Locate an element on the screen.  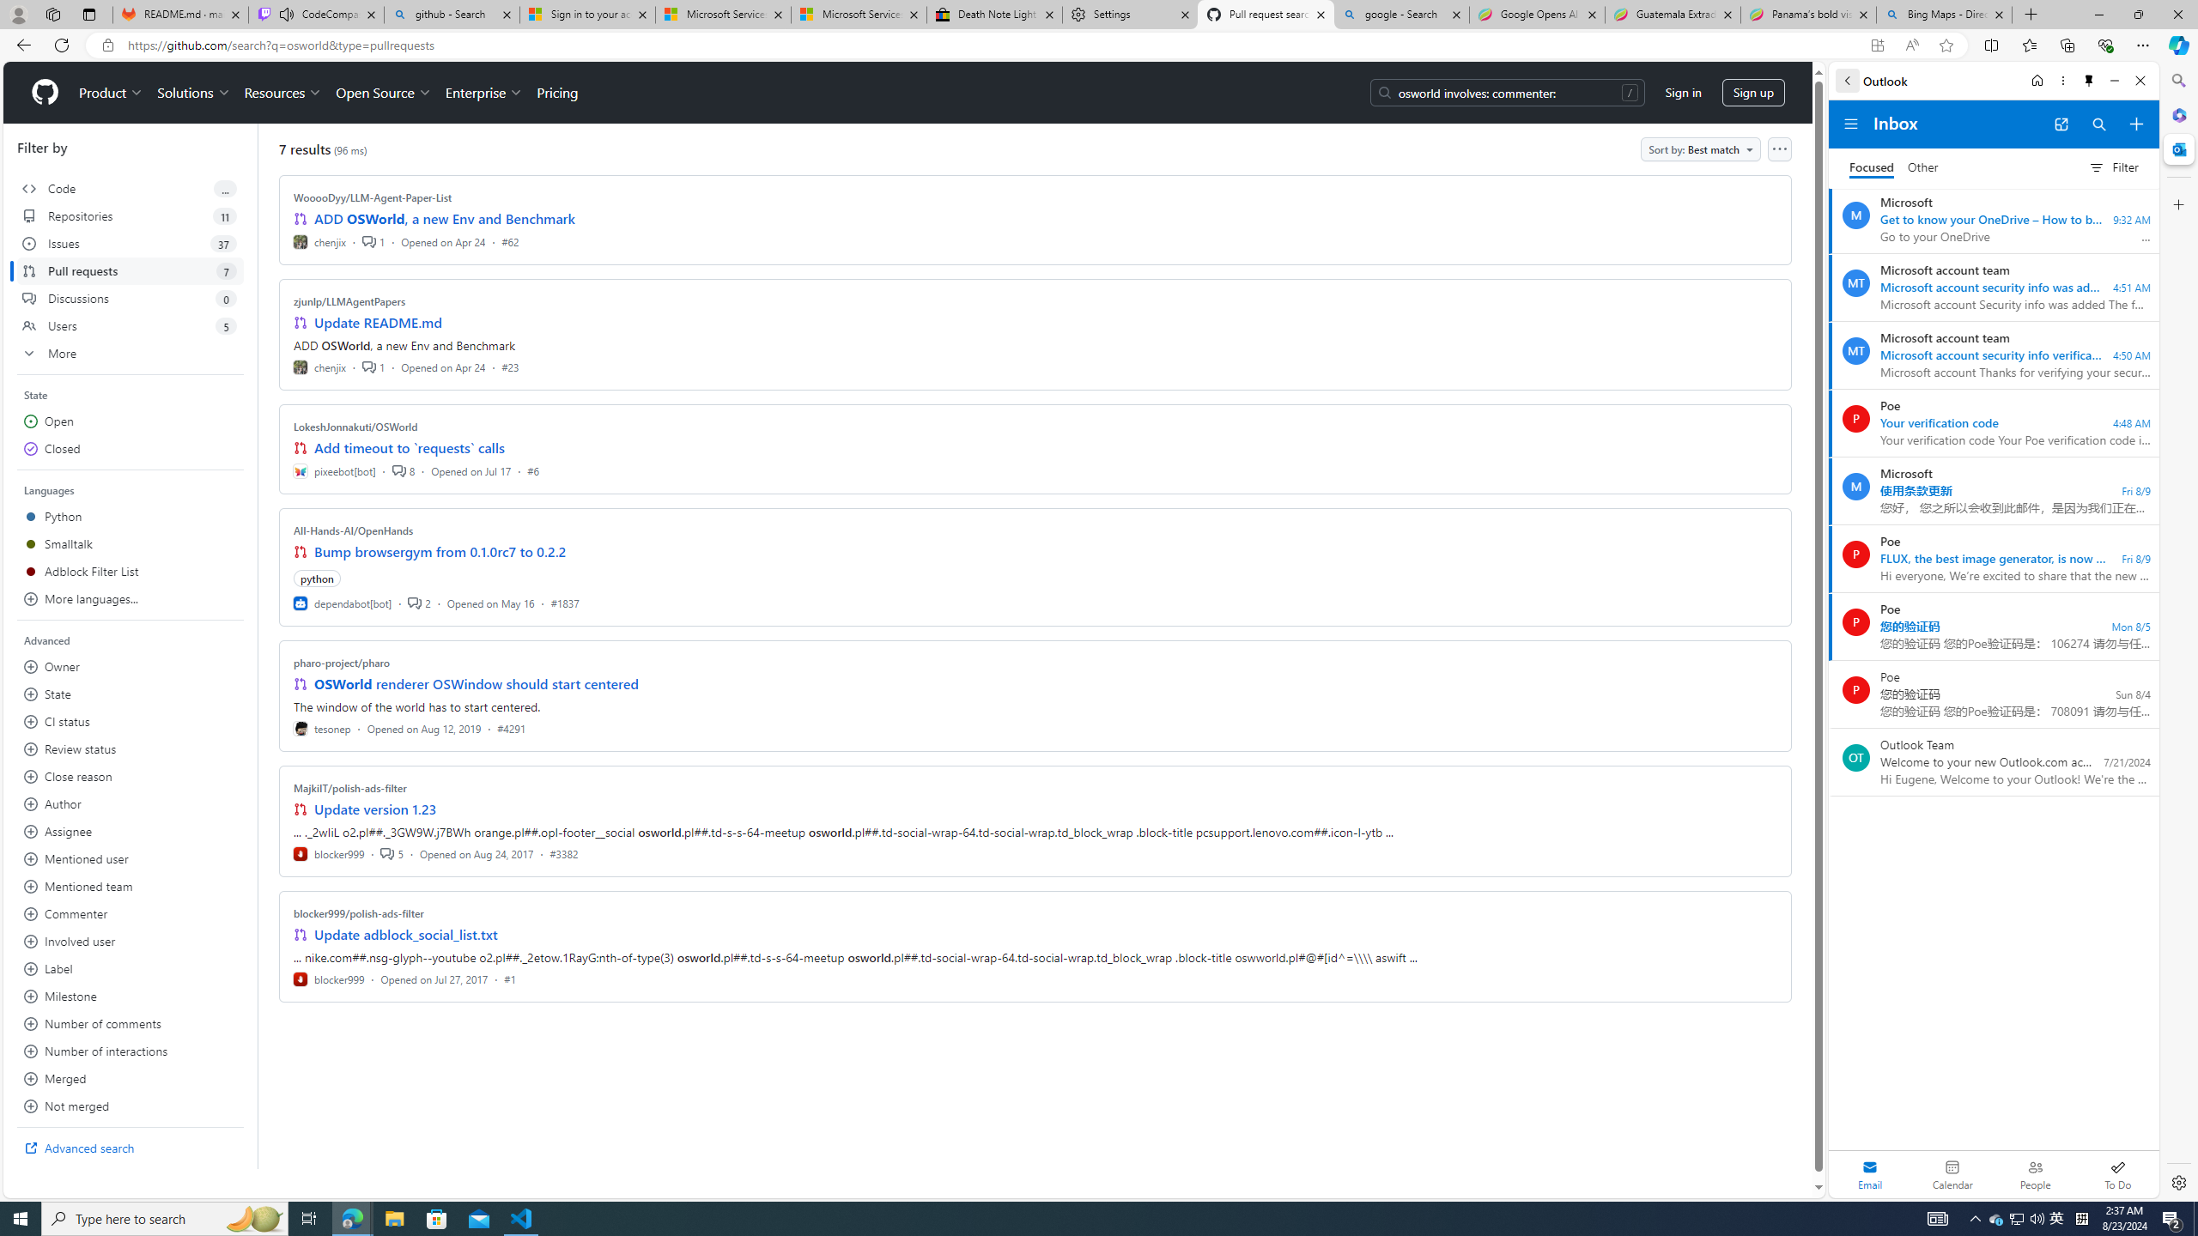
'Open Source' is located at coordinates (385, 92).